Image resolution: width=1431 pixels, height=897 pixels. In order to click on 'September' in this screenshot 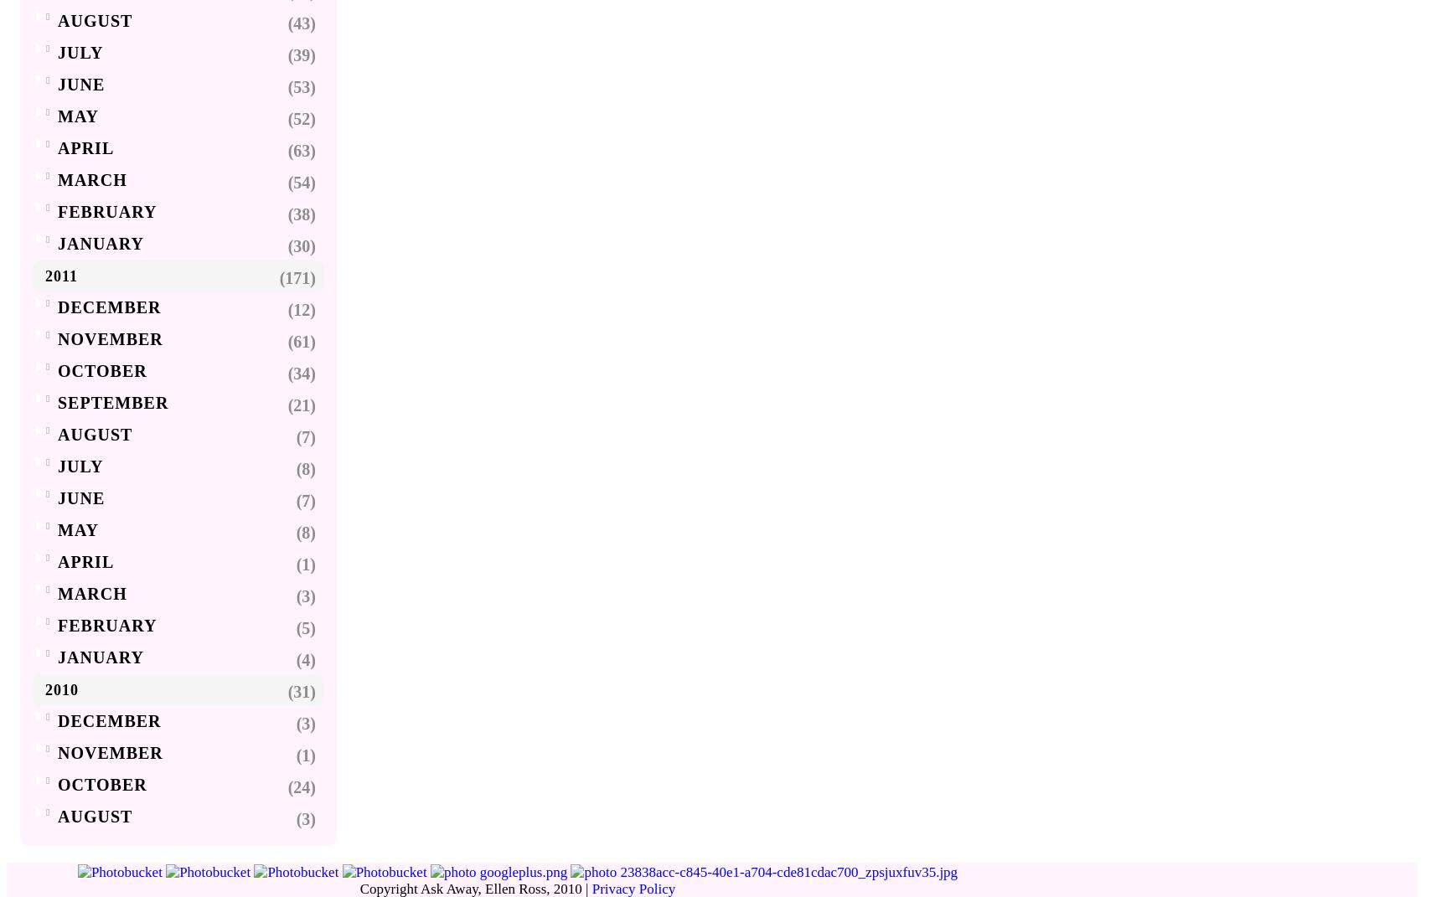, I will do `click(112, 401)`.